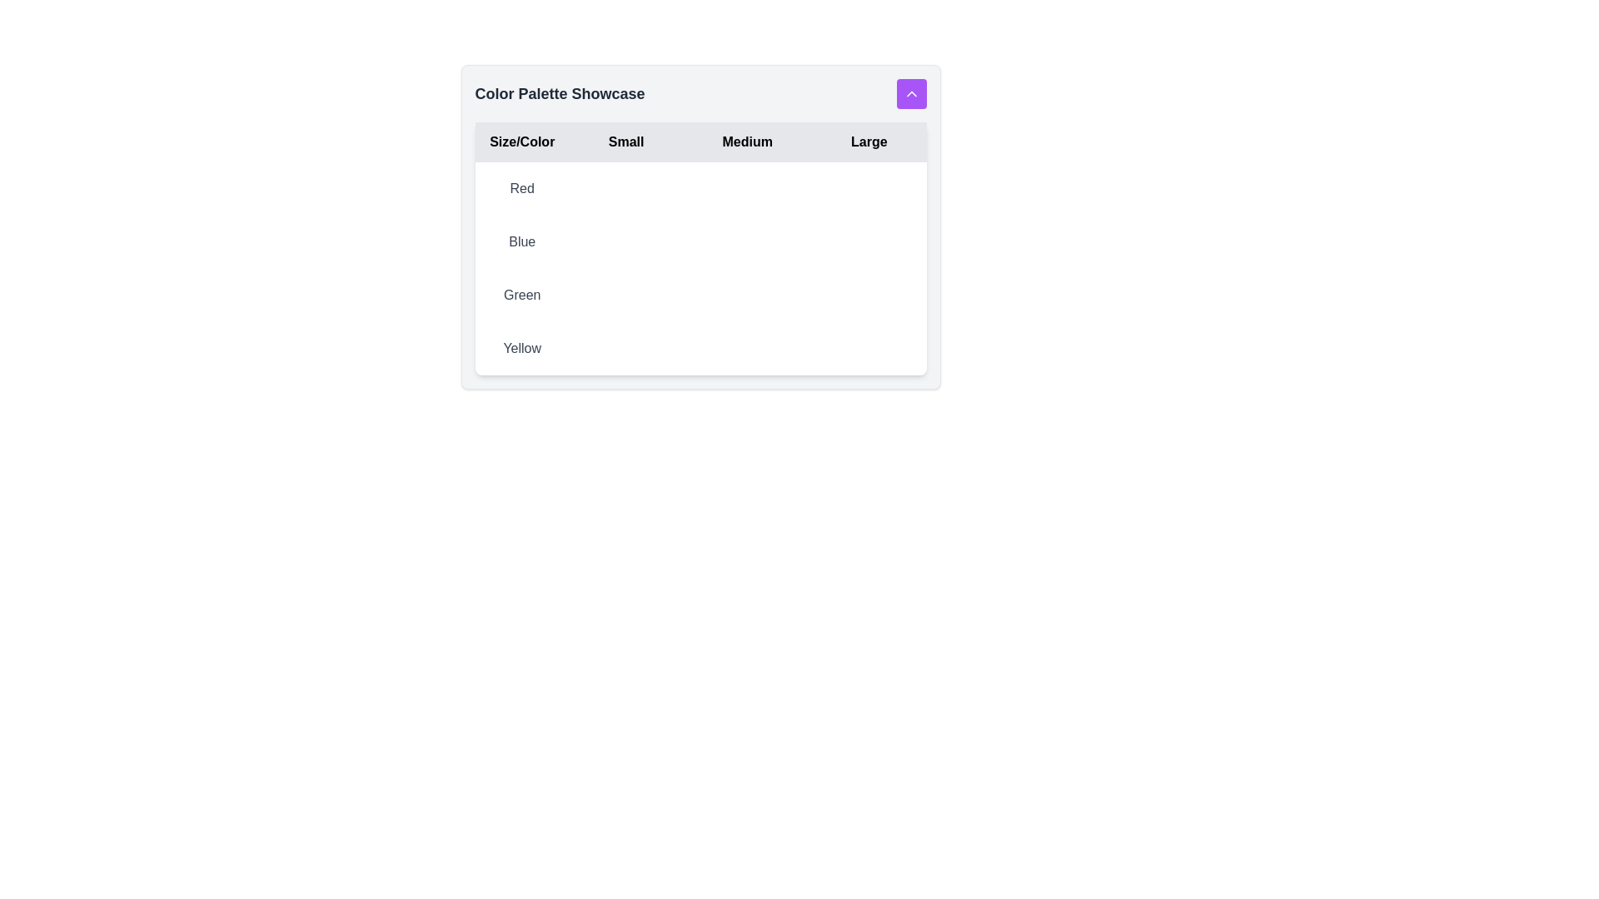 The height and width of the screenshot is (899, 1599). Describe the element at coordinates (868, 294) in the screenshot. I see `the button-like component associated with the 'Large' size variant for the 'Green' color located in the table layout` at that location.